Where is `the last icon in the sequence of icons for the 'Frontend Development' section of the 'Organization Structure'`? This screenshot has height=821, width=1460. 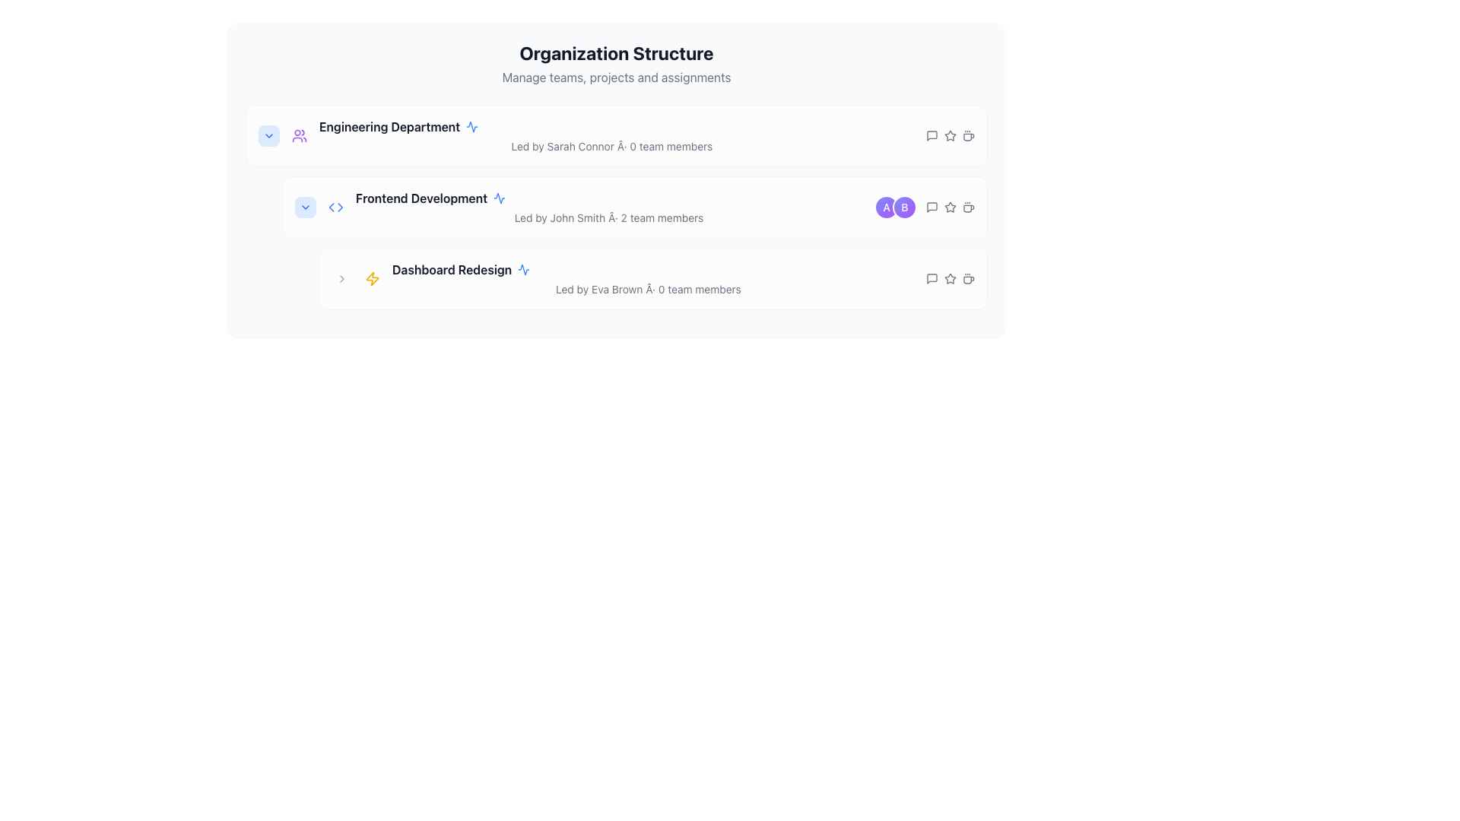 the last icon in the sequence of icons for the 'Frontend Development' section of the 'Organization Structure' is located at coordinates (967, 208).